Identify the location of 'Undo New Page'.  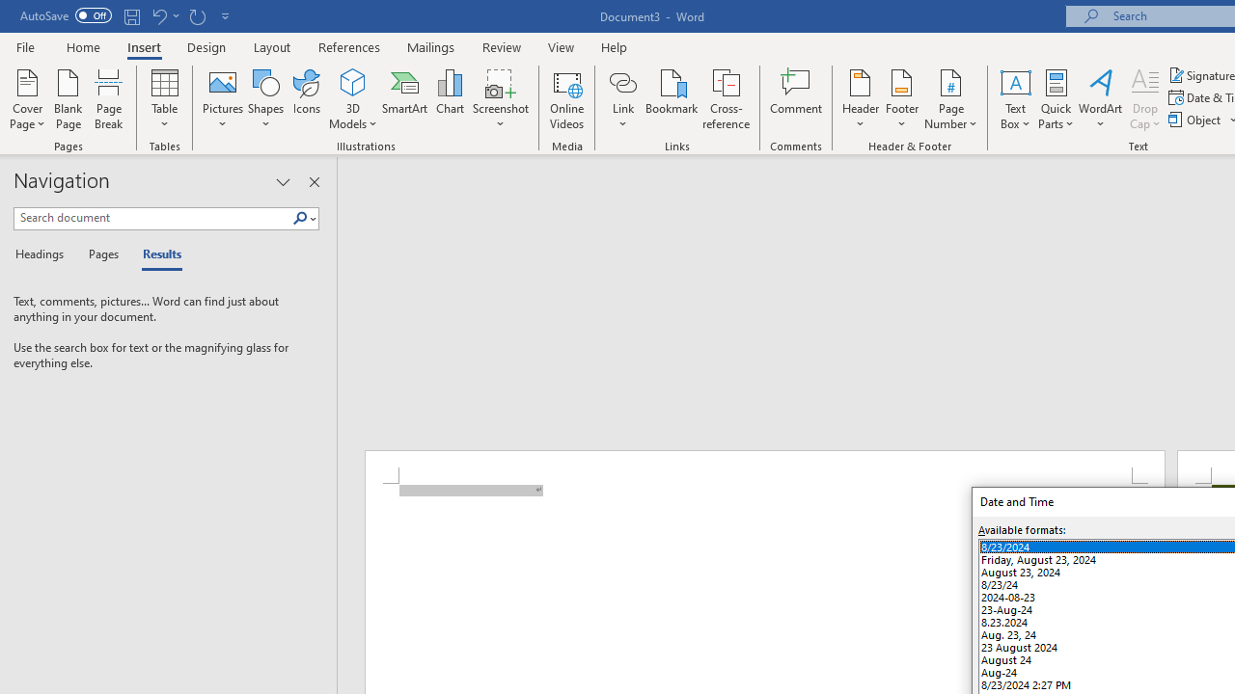
(164, 15).